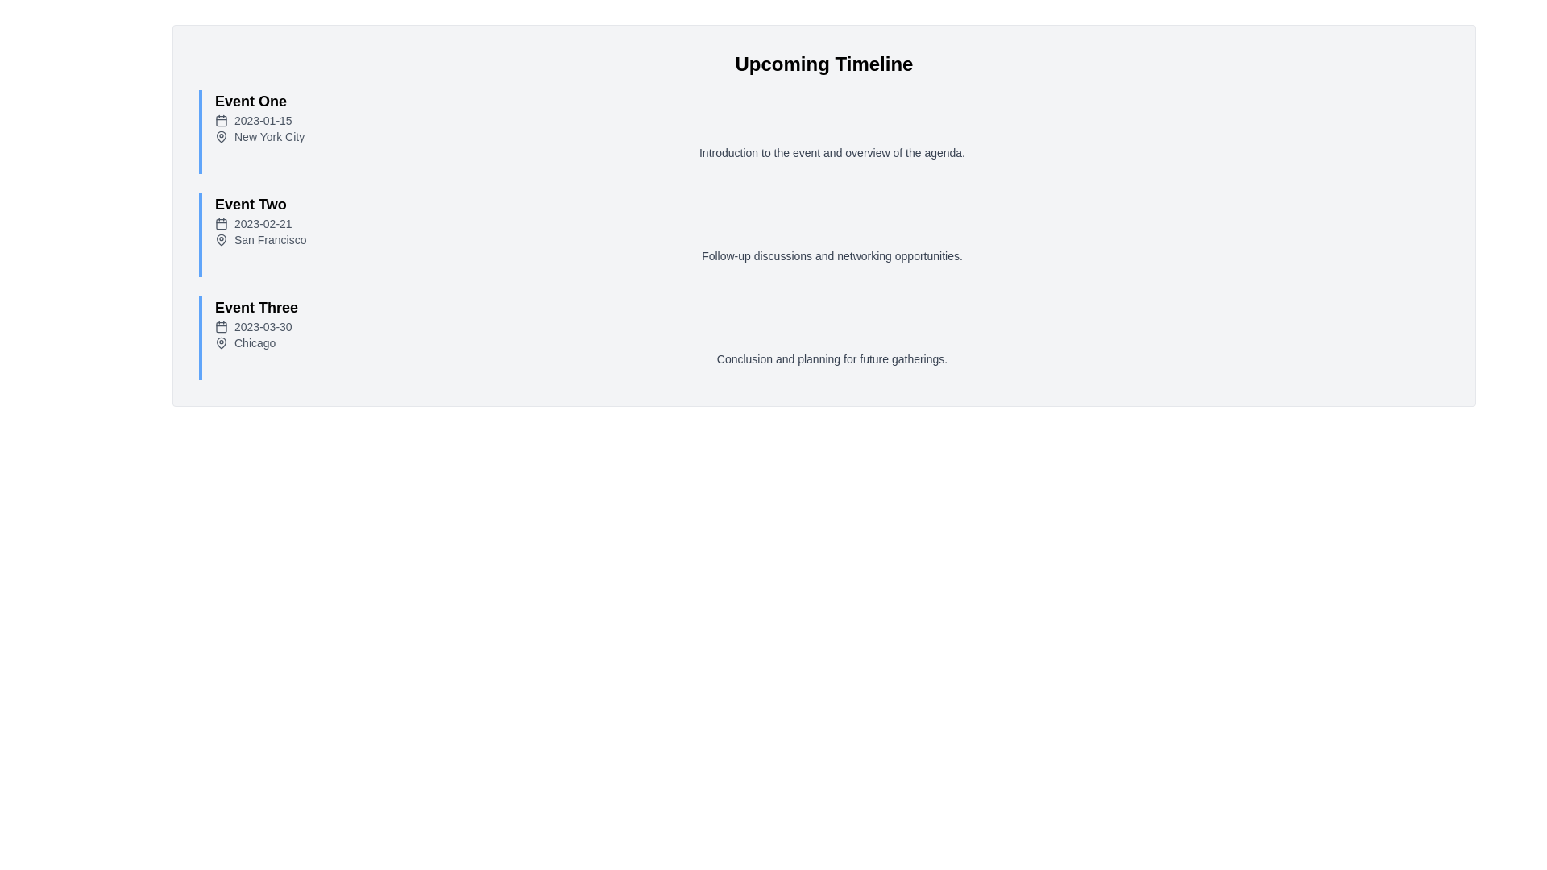  I want to click on the map pin icon located to the left of the text 'Chicago' in the description of 'Event Three' in the timeline interface, so click(220, 342).